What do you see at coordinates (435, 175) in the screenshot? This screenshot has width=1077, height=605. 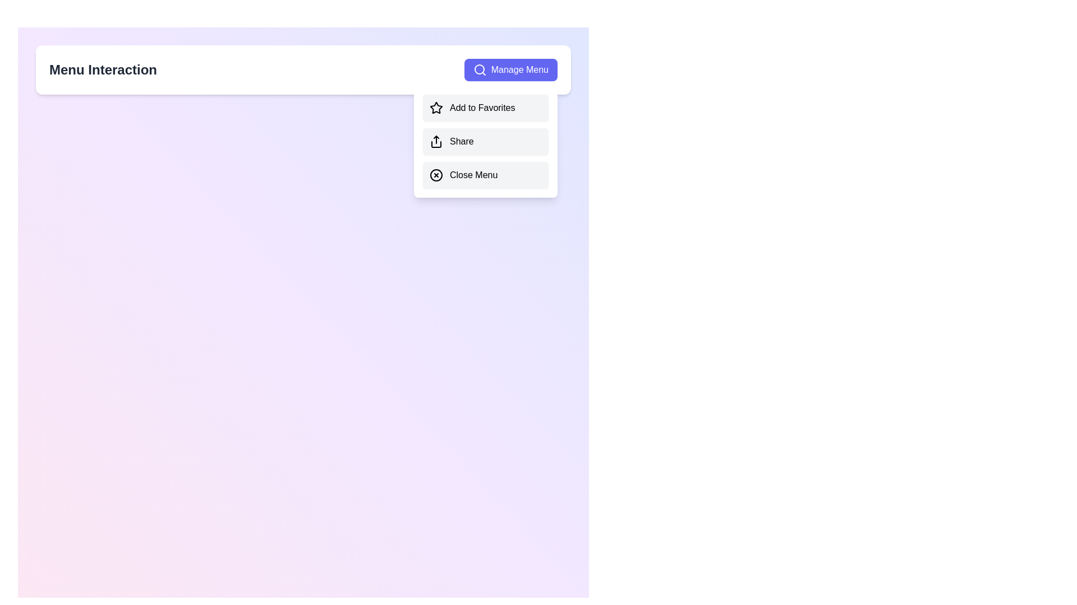 I see `the circular icon on the leftmost side of the 'Close Menu' option` at bounding box center [435, 175].